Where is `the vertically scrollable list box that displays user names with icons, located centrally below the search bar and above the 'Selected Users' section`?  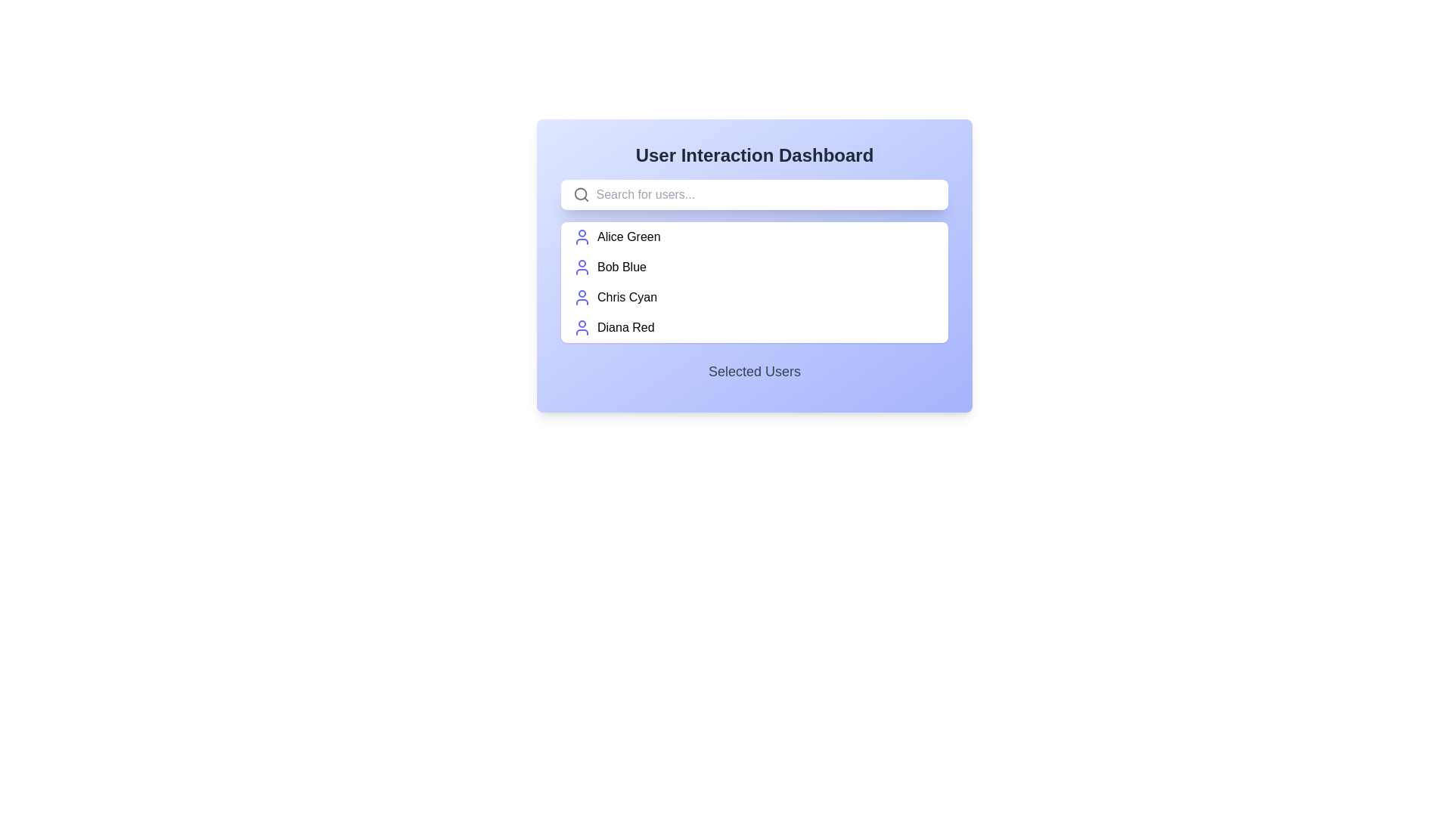 the vertically scrollable list box that displays user names with icons, located centrally below the search bar and above the 'Selected Users' section is located at coordinates (755, 283).